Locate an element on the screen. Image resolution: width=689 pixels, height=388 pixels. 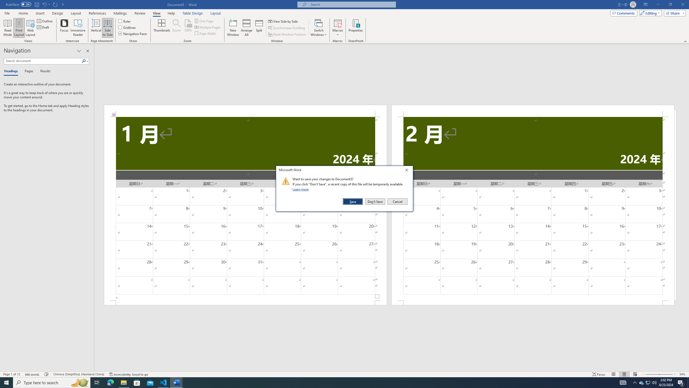
'100%' is located at coordinates (188, 28).